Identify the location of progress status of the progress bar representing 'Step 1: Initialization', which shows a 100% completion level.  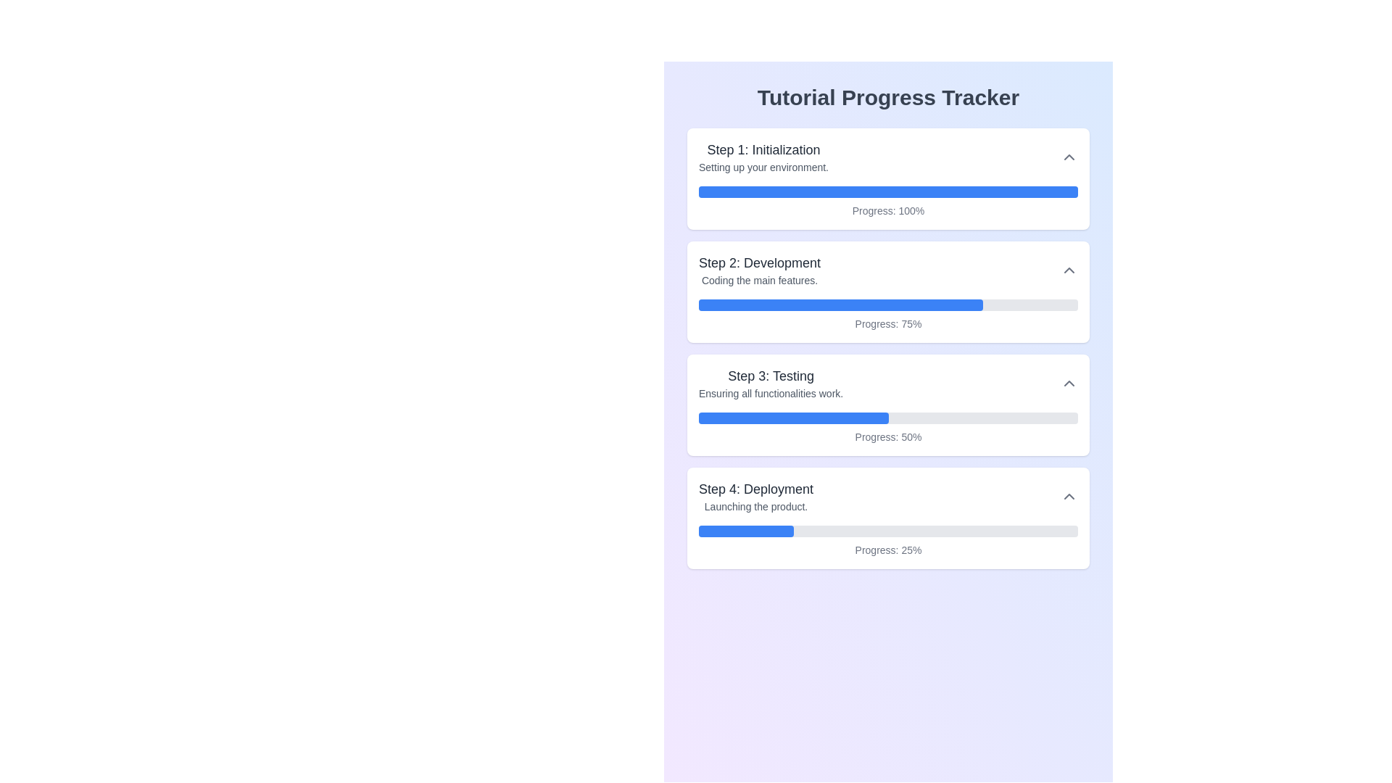
(887, 202).